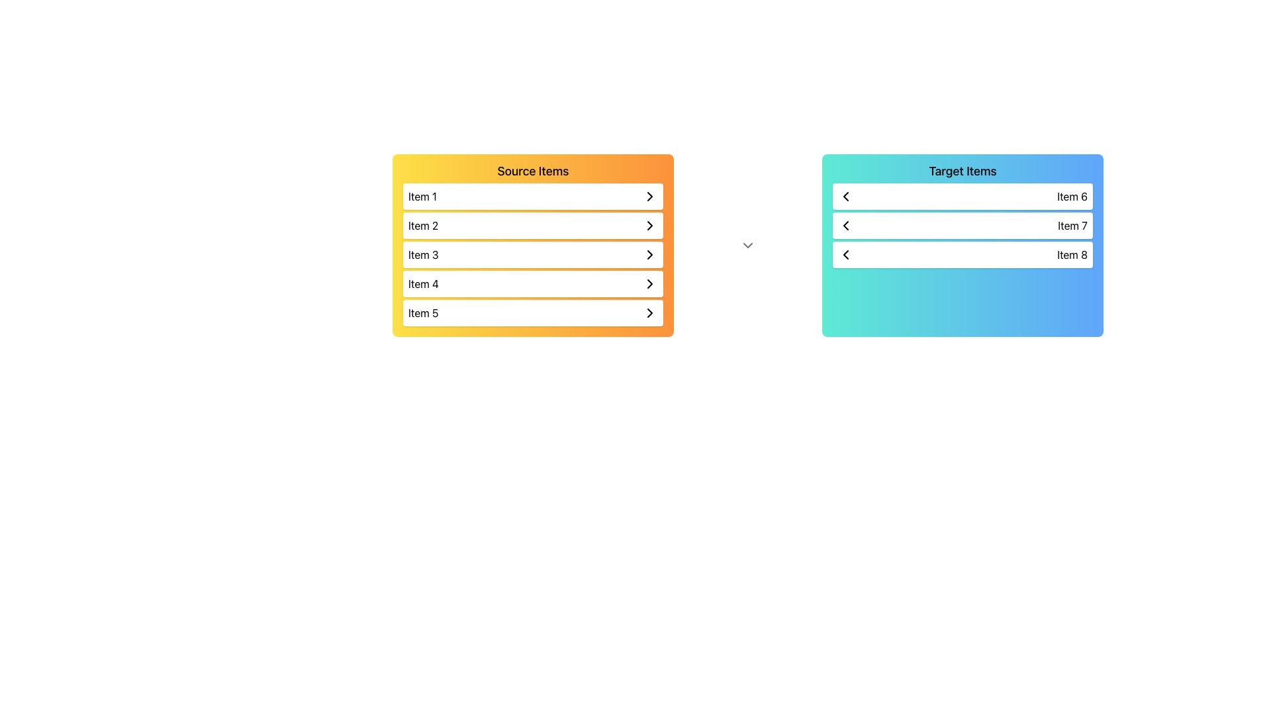 This screenshot has height=715, width=1271. Describe the element at coordinates (533, 255) in the screenshot. I see `the third row under the 'Source Items' panel` at that location.